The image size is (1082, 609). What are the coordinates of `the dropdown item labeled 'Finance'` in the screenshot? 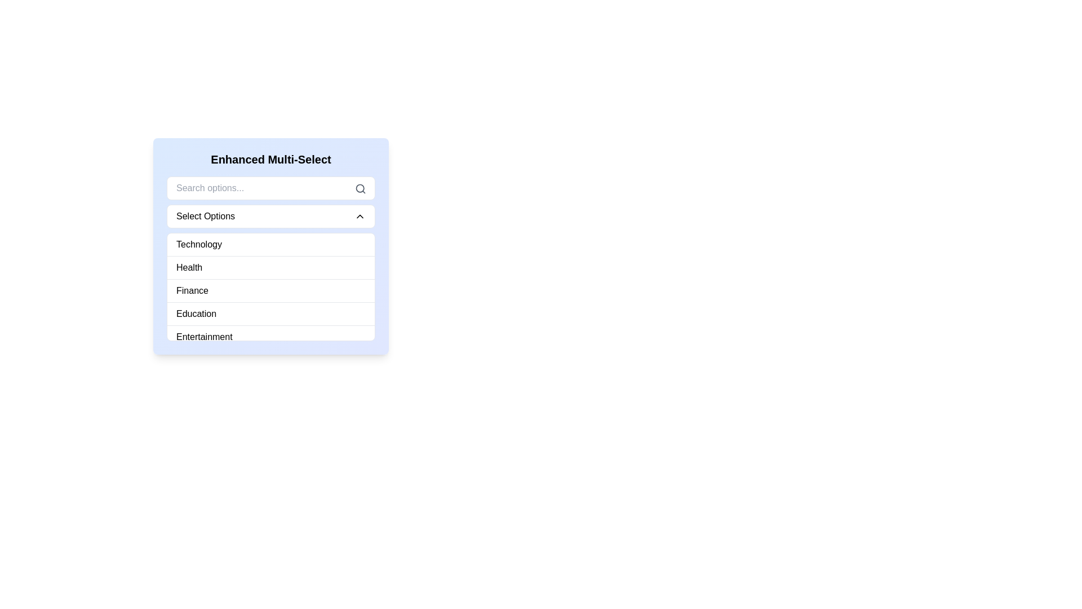 It's located at (270, 290).